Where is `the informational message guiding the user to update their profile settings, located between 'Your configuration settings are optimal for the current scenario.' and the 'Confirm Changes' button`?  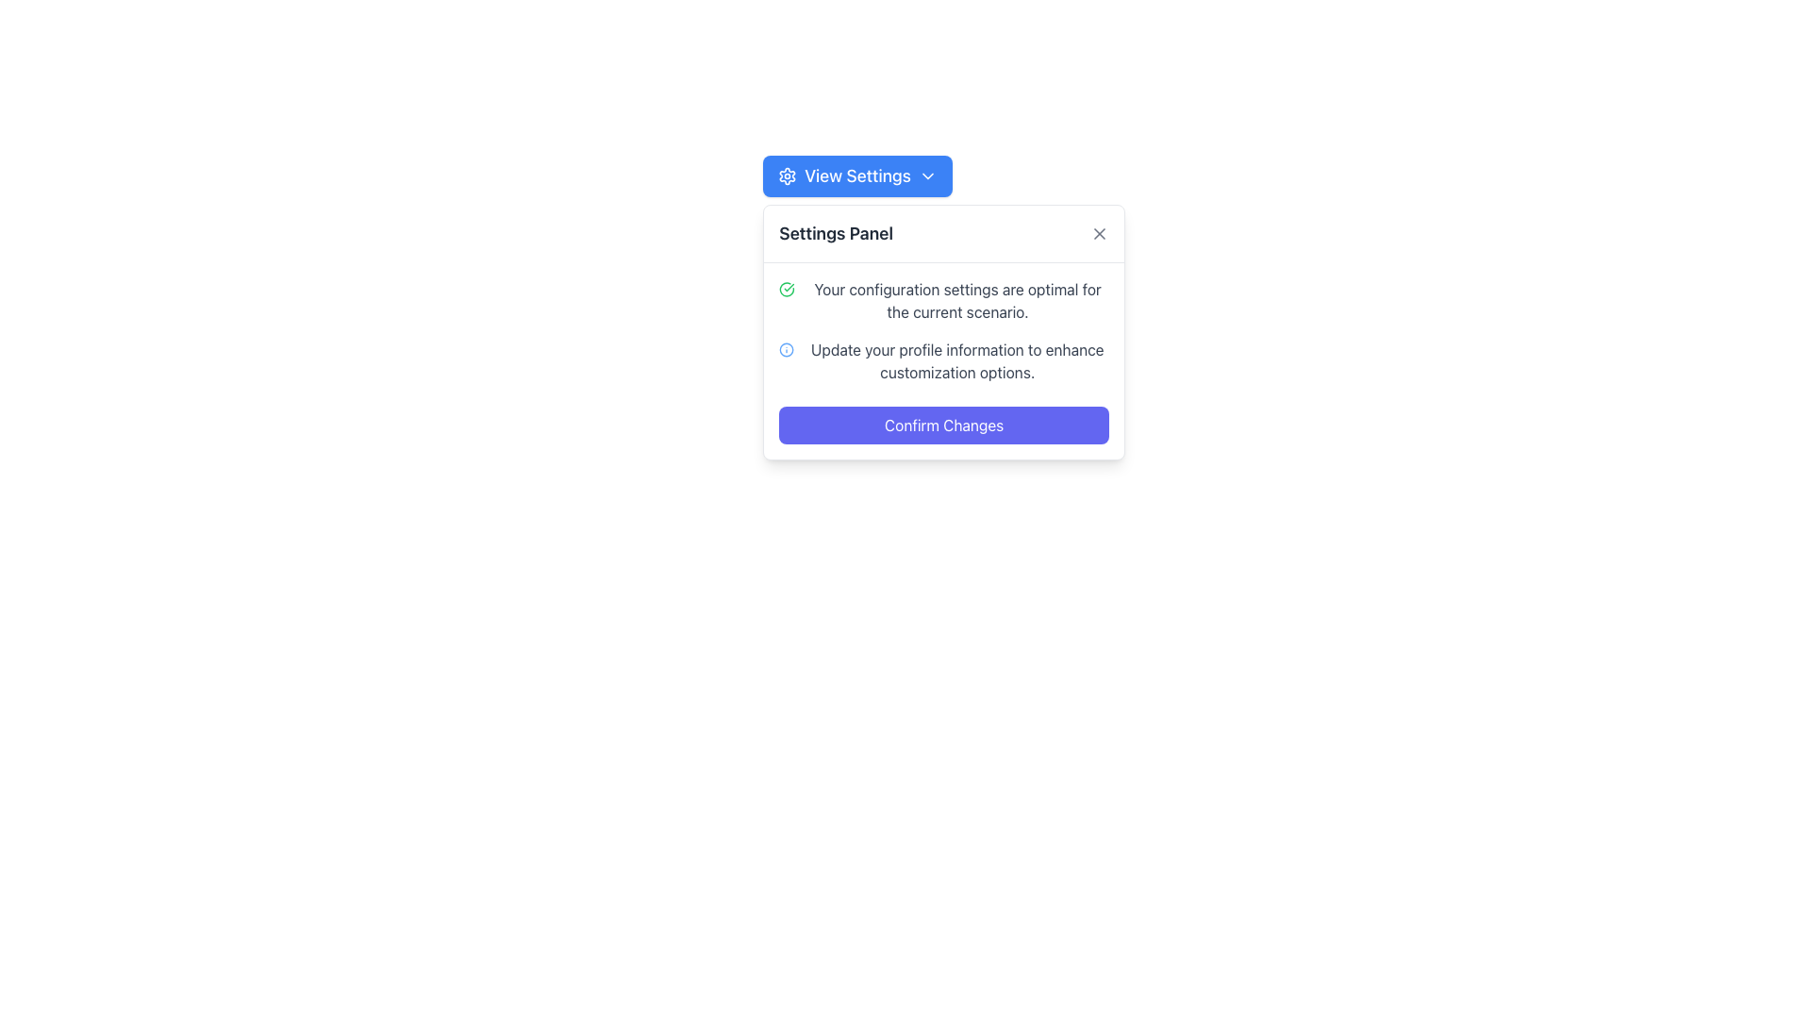
the informational message guiding the user to update their profile settings, located between 'Your configuration settings are optimal for the current scenario.' and the 'Confirm Changes' button is located at coordinates (944, 360).